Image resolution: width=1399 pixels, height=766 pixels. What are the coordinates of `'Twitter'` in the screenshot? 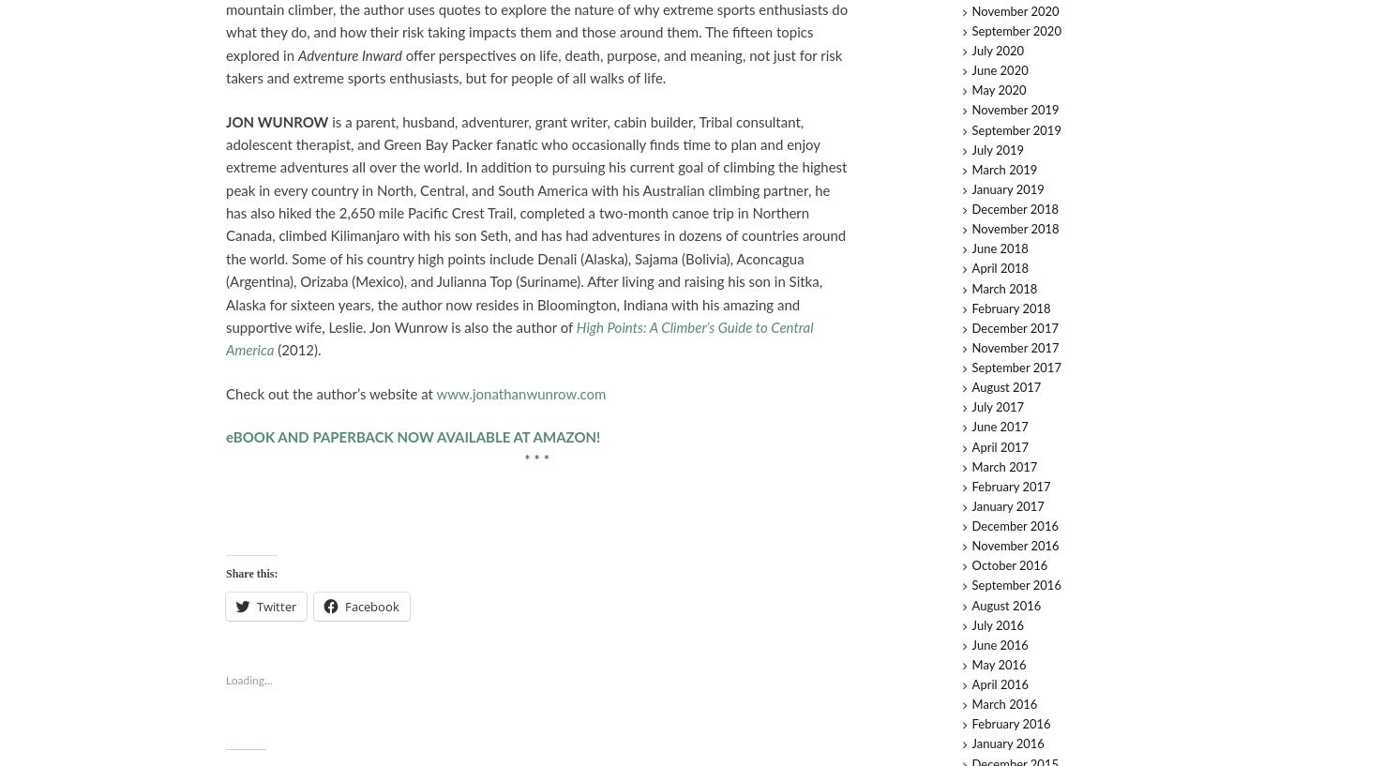 It's located at (255, 606).